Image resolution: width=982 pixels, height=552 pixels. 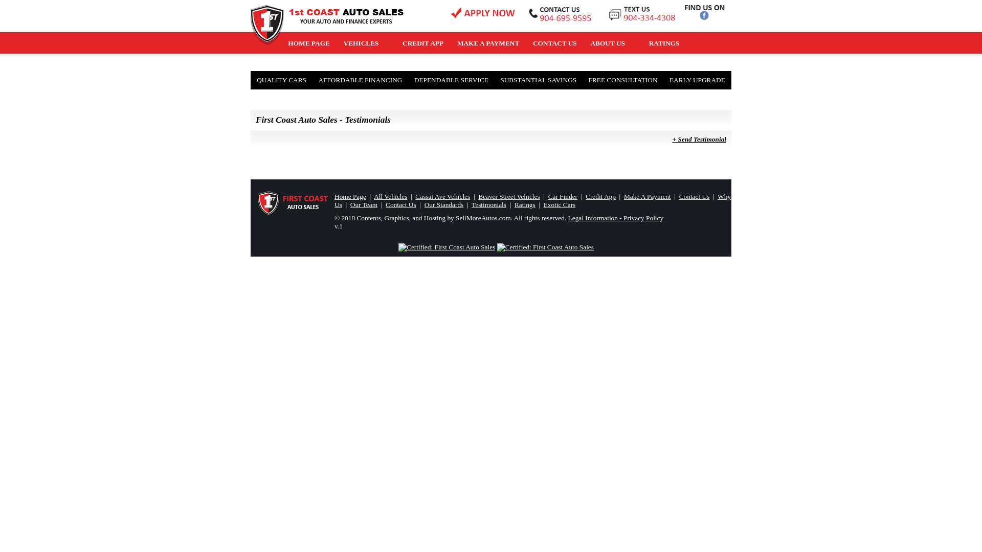 I want to click on 'RATINGS', so click(x=641, y=42).